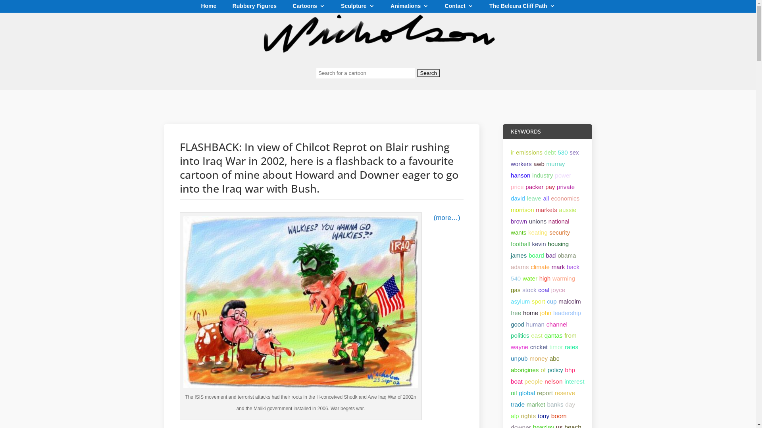  What do you see at coordinates (520, 346) in the screenshot?
I see `'wayne'` at bounding box center [520, 346].